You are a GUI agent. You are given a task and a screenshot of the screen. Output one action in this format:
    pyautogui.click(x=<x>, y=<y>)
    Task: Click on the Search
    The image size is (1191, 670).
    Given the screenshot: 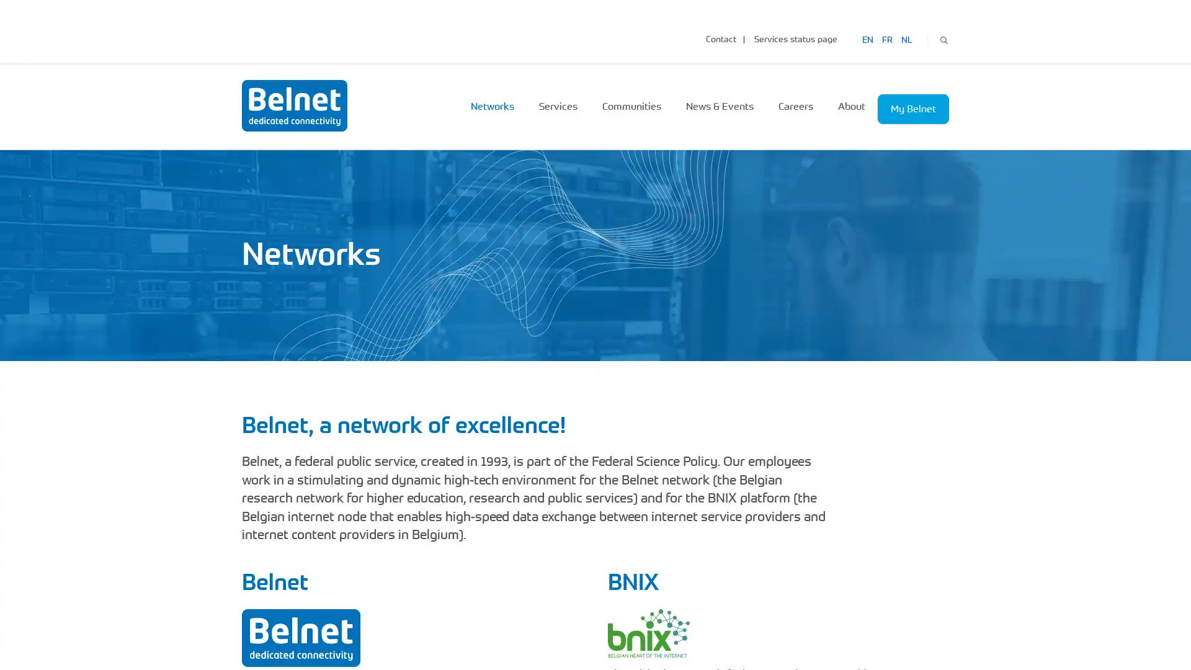 What is the action you would take?
    pyautogui.click(x=943, y=38)
    